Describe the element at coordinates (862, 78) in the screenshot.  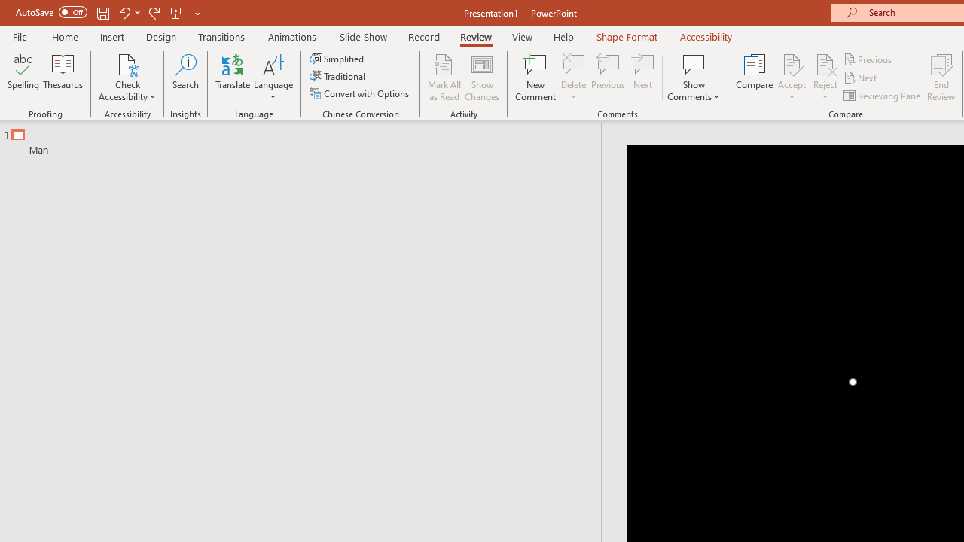
I see `'Next'` at that location.